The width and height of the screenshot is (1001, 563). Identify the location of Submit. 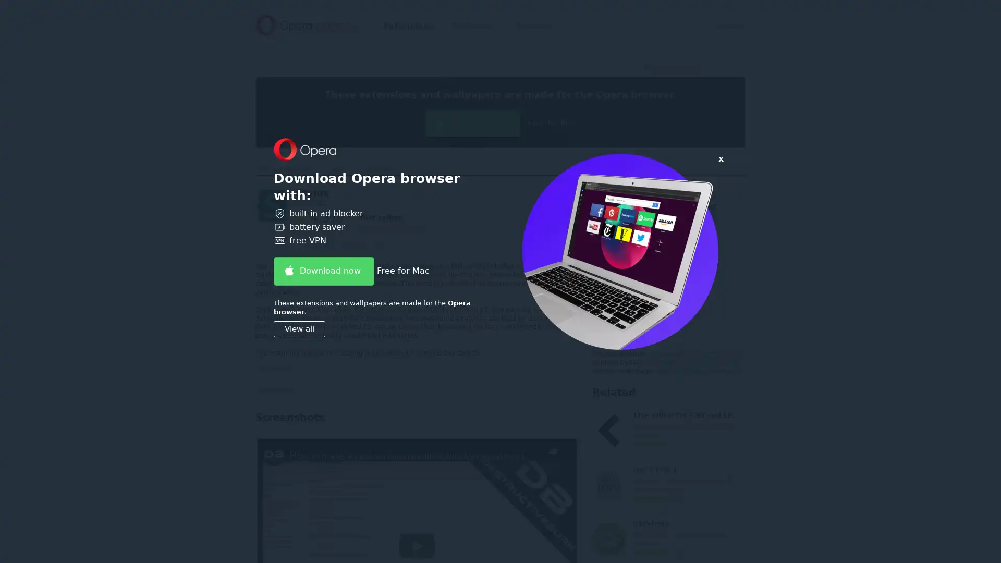
(738, 65).